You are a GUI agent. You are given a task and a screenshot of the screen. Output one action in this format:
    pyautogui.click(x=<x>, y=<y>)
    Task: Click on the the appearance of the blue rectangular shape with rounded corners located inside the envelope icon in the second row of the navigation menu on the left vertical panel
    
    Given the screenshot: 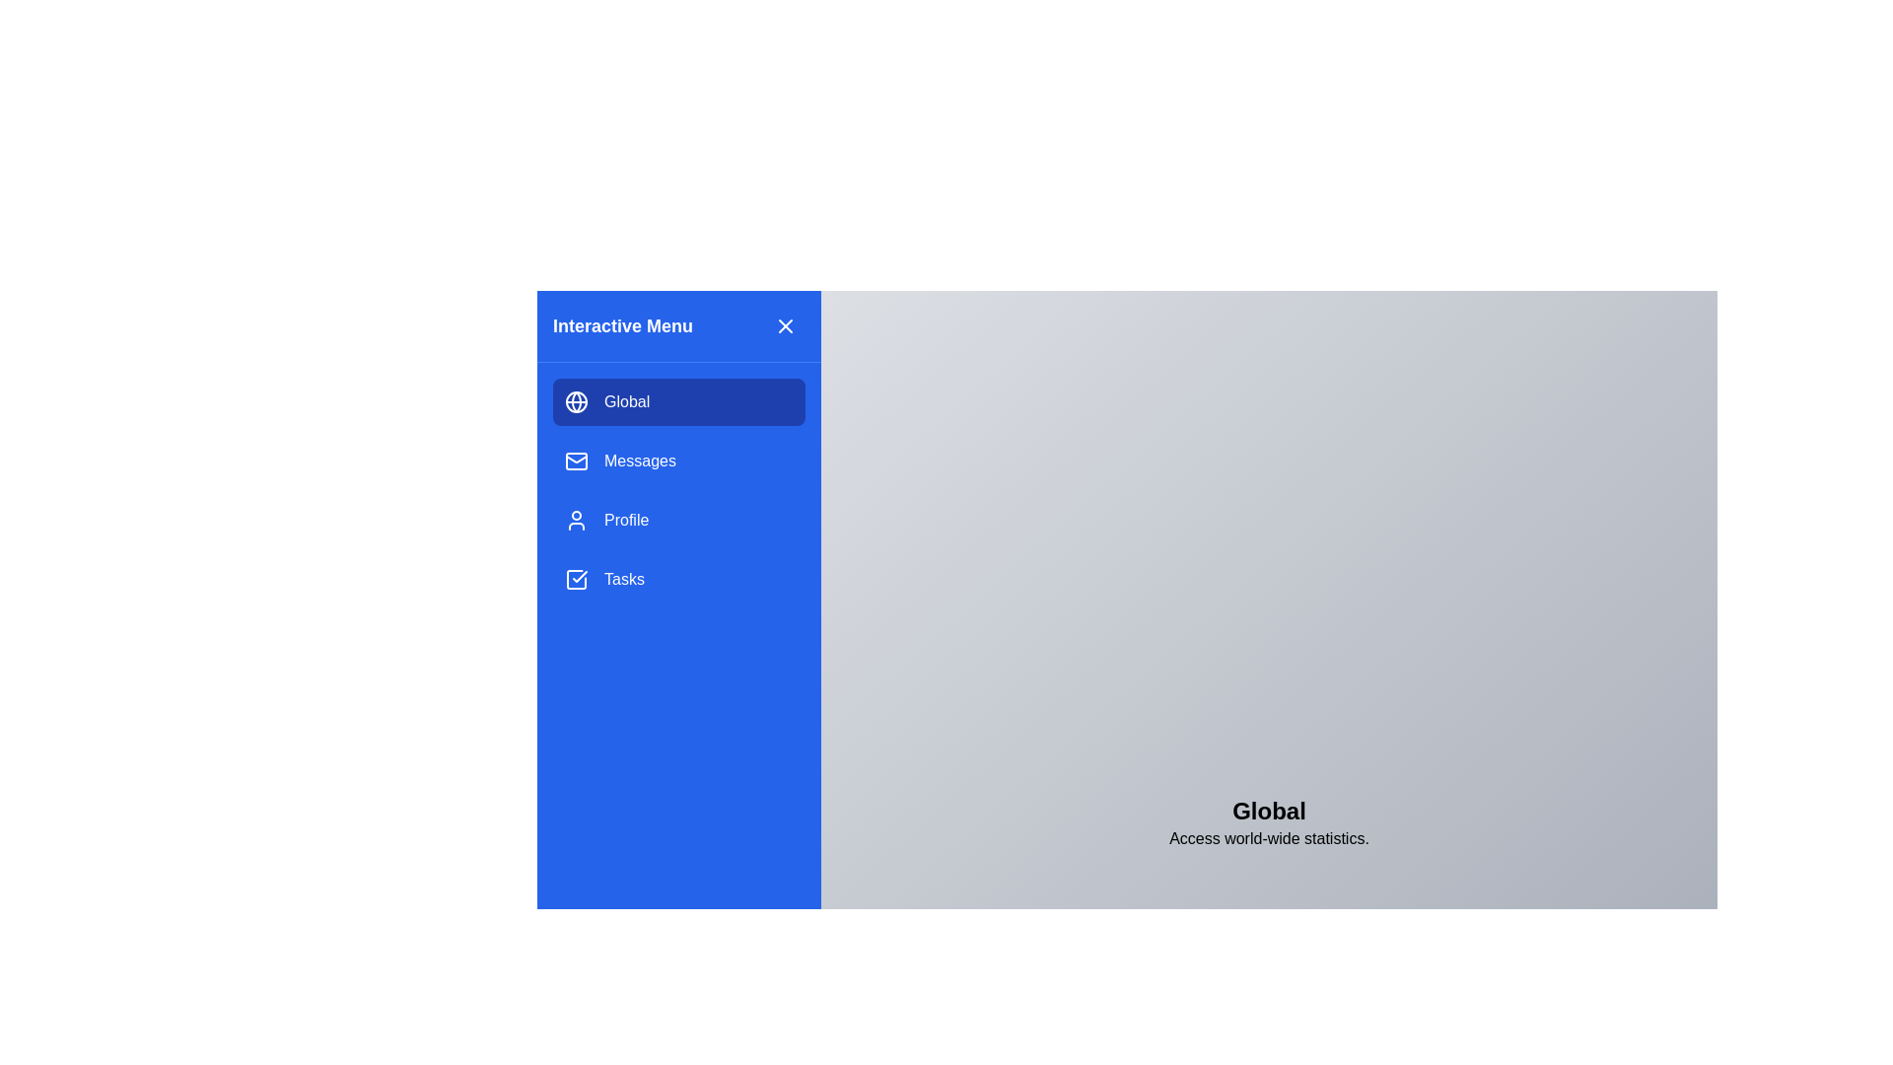 What is the action you would take?
    pyautogui.click(x=576, y=461)
    